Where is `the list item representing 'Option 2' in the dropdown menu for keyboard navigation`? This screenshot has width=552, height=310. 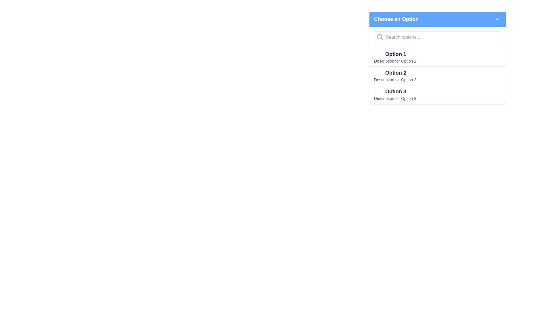
the list item representing 'Option 2' in the dropdown menu for keyboard navigation is located at coordinates (437, 75).